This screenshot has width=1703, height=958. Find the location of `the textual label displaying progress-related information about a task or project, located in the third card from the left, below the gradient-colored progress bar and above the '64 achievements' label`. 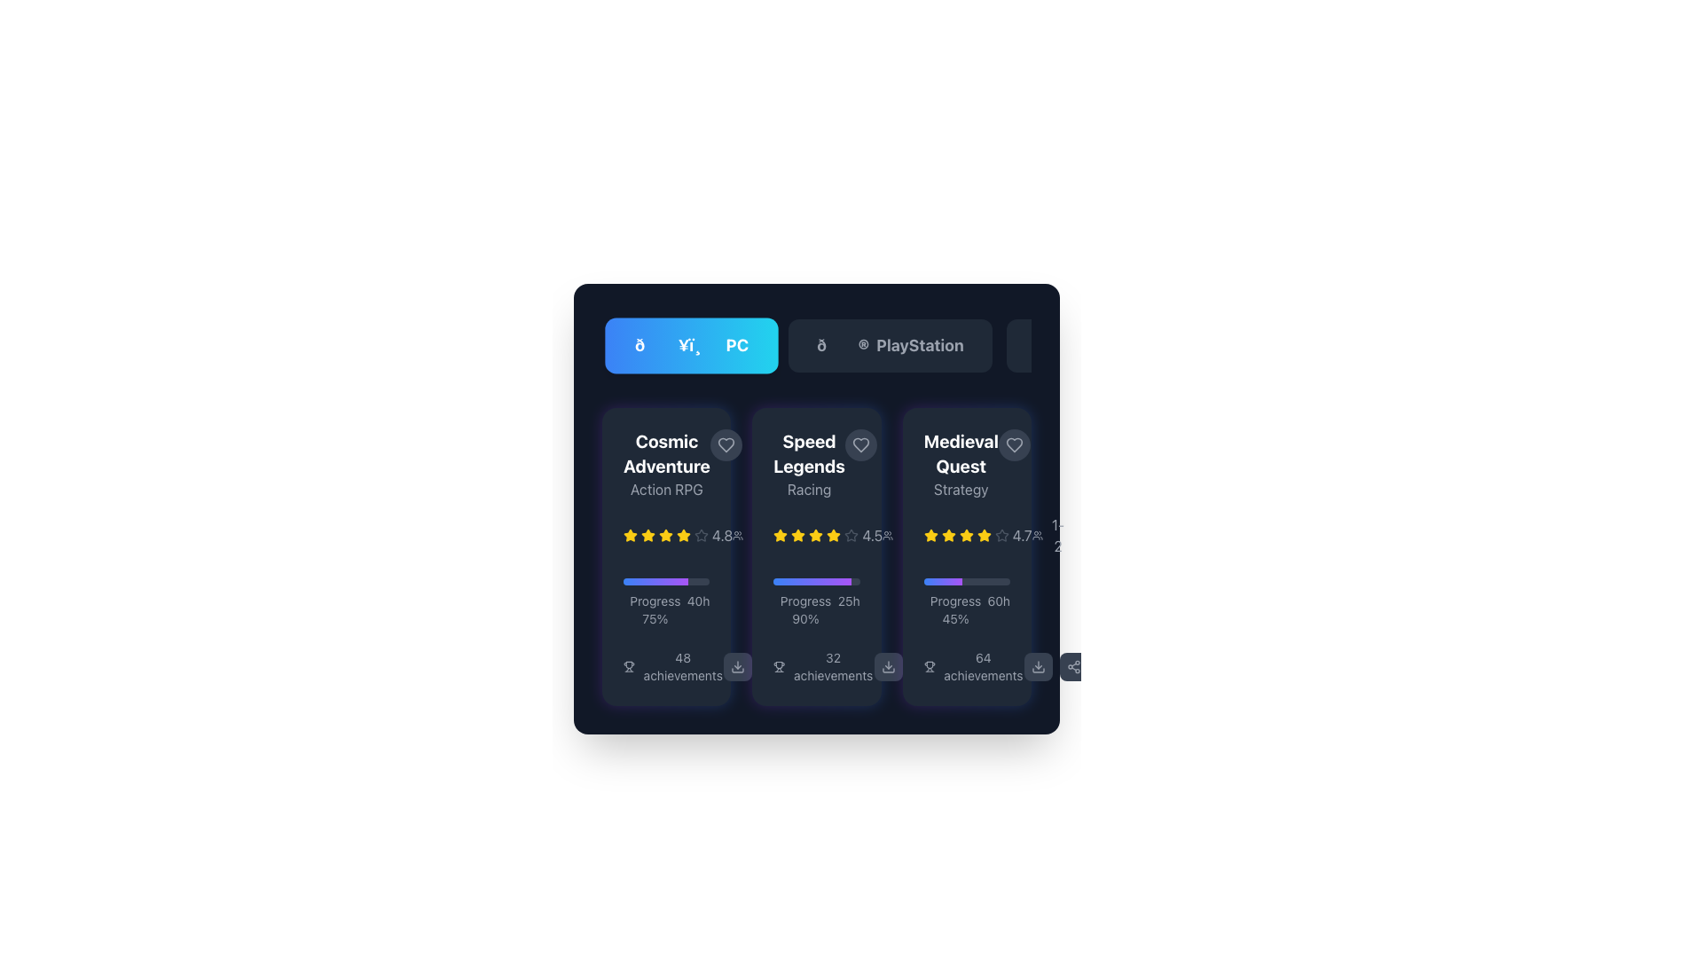

the textual label displaying progress-related information about a task or project, located in the third card from the left, below the gradient-colored progress bar and above the '64 achievements' label is located at coordinates (966, 609).